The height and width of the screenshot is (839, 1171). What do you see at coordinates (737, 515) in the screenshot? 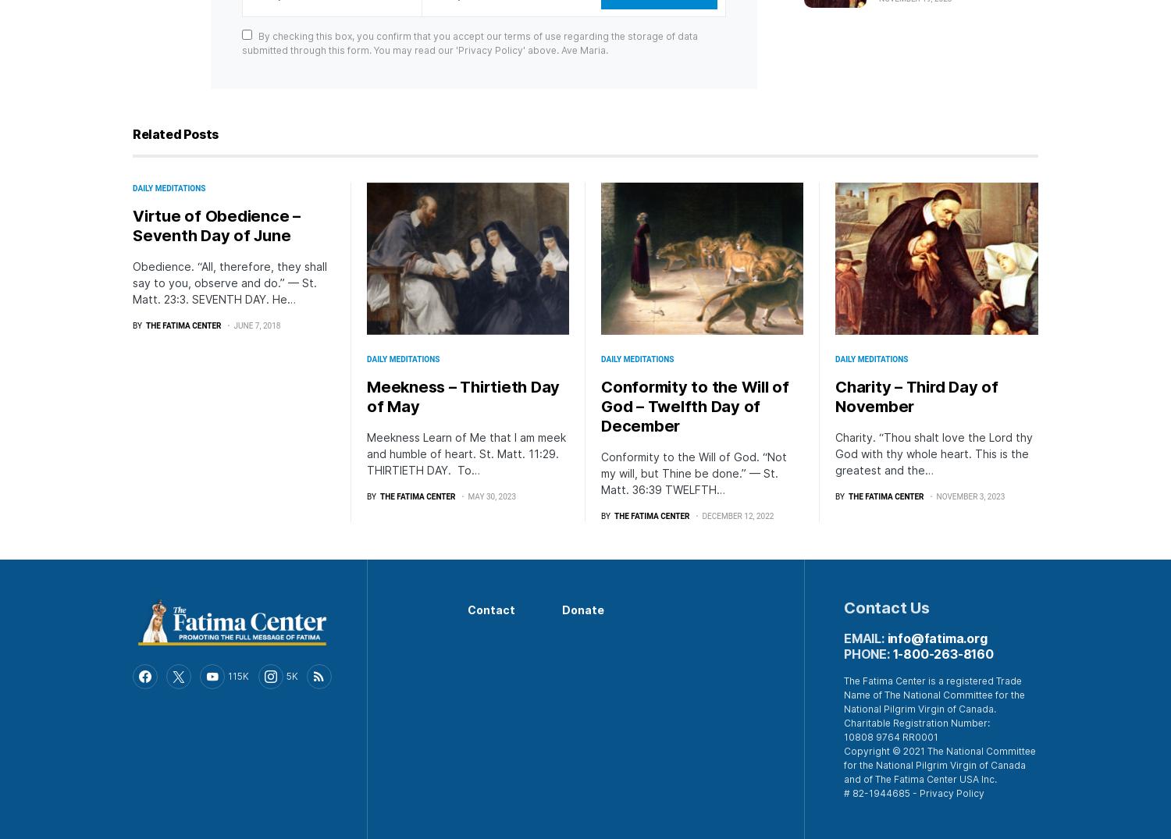
I see `'December 12, 2022'` at bounding box center [737, 515].